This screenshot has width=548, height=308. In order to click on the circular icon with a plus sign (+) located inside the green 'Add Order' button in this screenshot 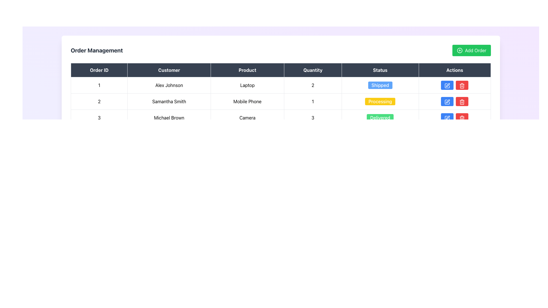, I will do `click(460, 50)`.